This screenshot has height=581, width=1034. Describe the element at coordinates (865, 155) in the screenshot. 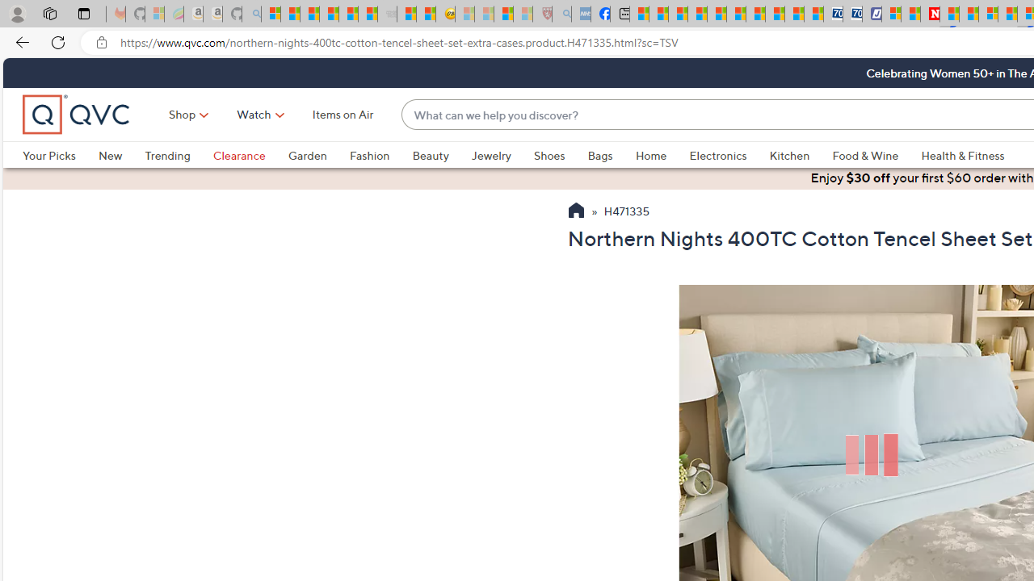

I see `'Food & Wine'` at that location.